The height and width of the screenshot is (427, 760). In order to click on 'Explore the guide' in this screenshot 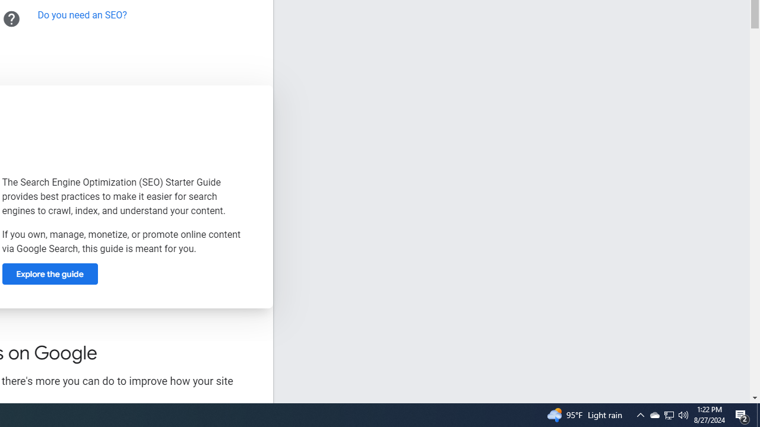, I will do `click(49, 274)`.